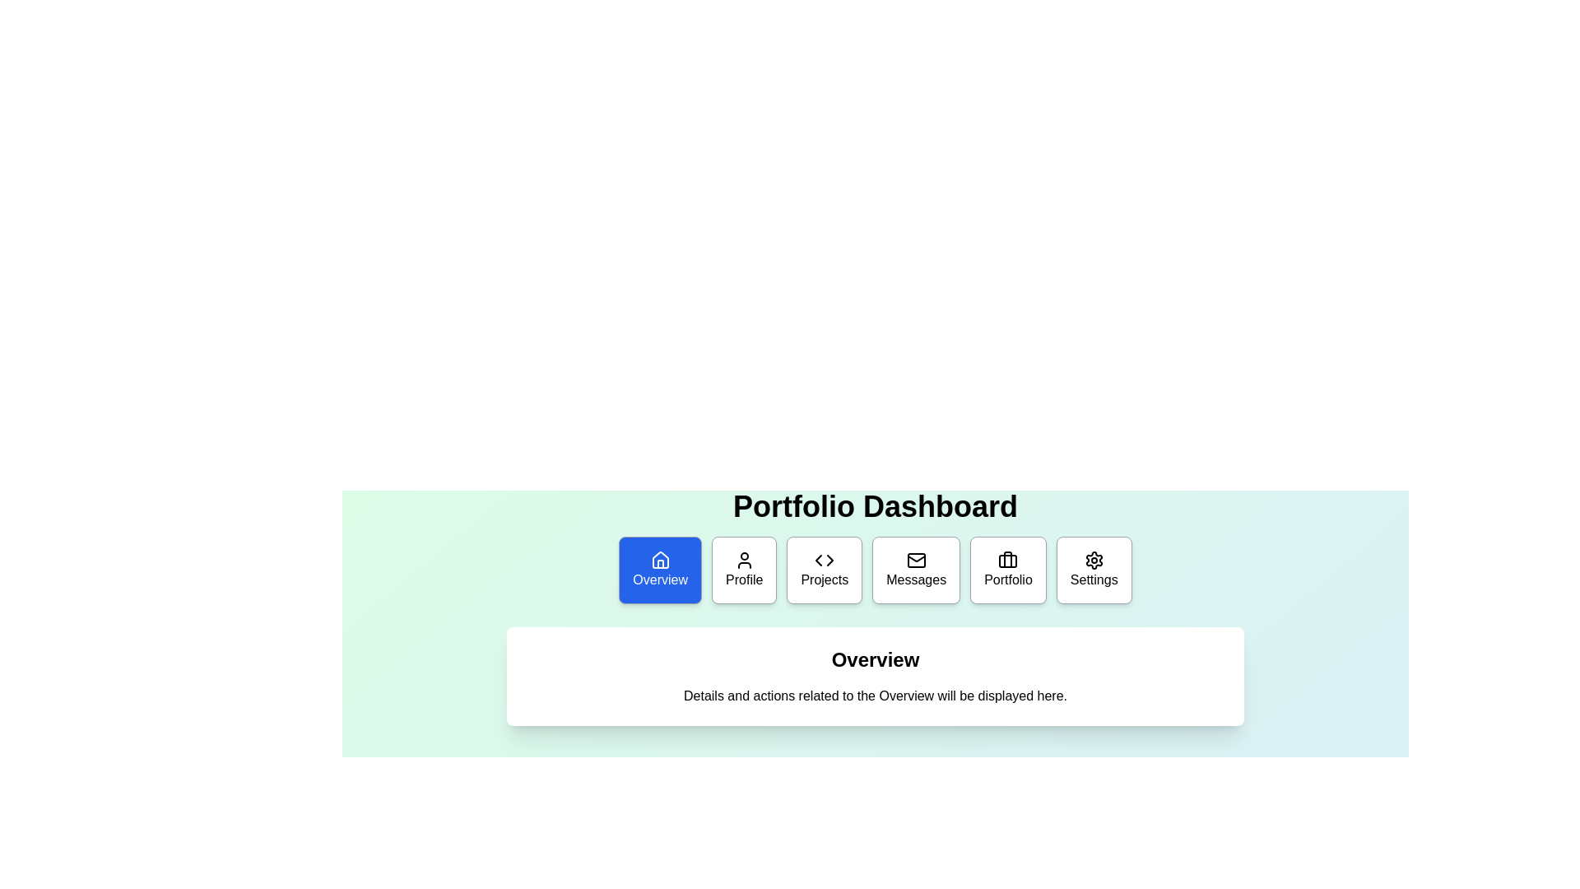  I want to click on the messaging icon, which is represented by an envelope symbol and located within the 'Messages' card in the dashboard menu, so click(915, 560).